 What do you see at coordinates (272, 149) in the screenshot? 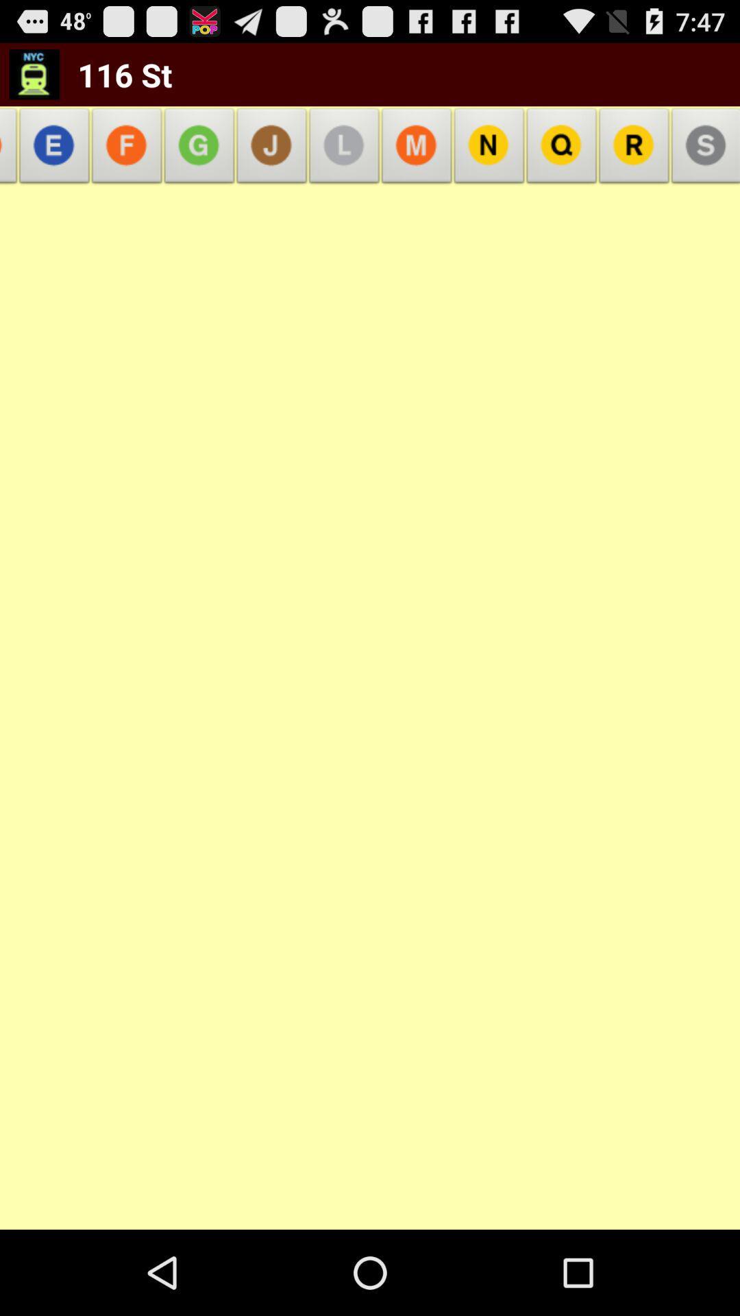
I see `the app to the right of 116 st app` at bounding box center [272, 149].